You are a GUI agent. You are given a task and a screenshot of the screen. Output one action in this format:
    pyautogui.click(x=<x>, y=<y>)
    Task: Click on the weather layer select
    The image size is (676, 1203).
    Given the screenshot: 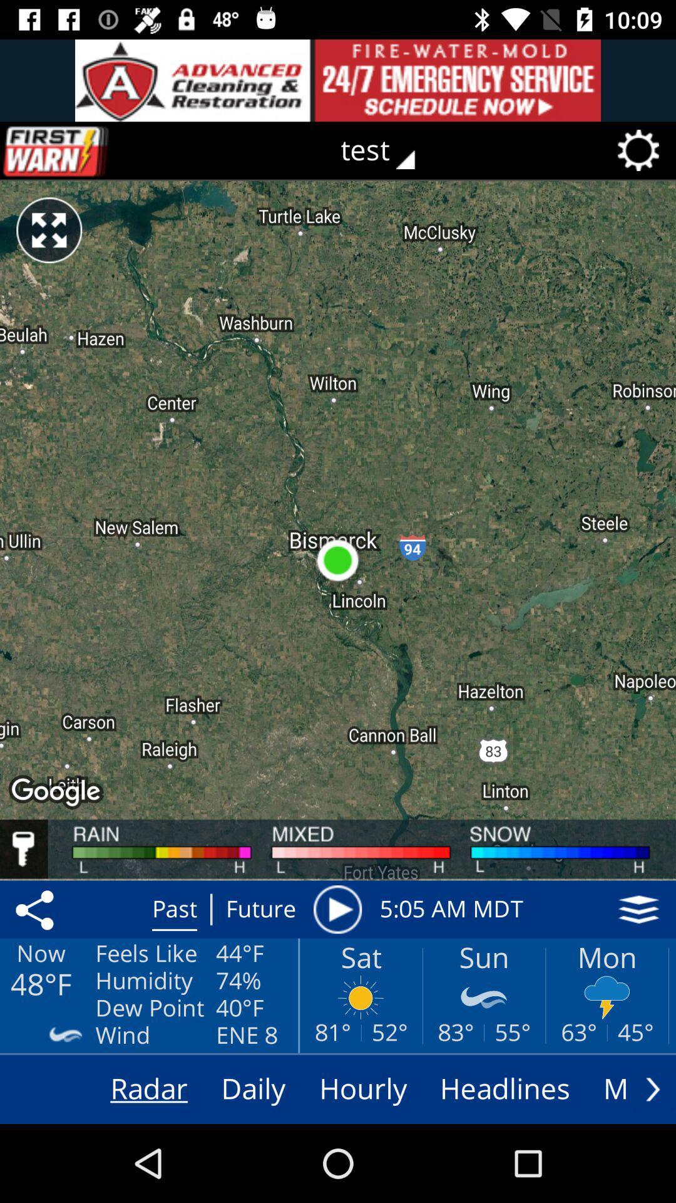 What is the action you would take?
    pyautogui.click(x=638, y=909)
    